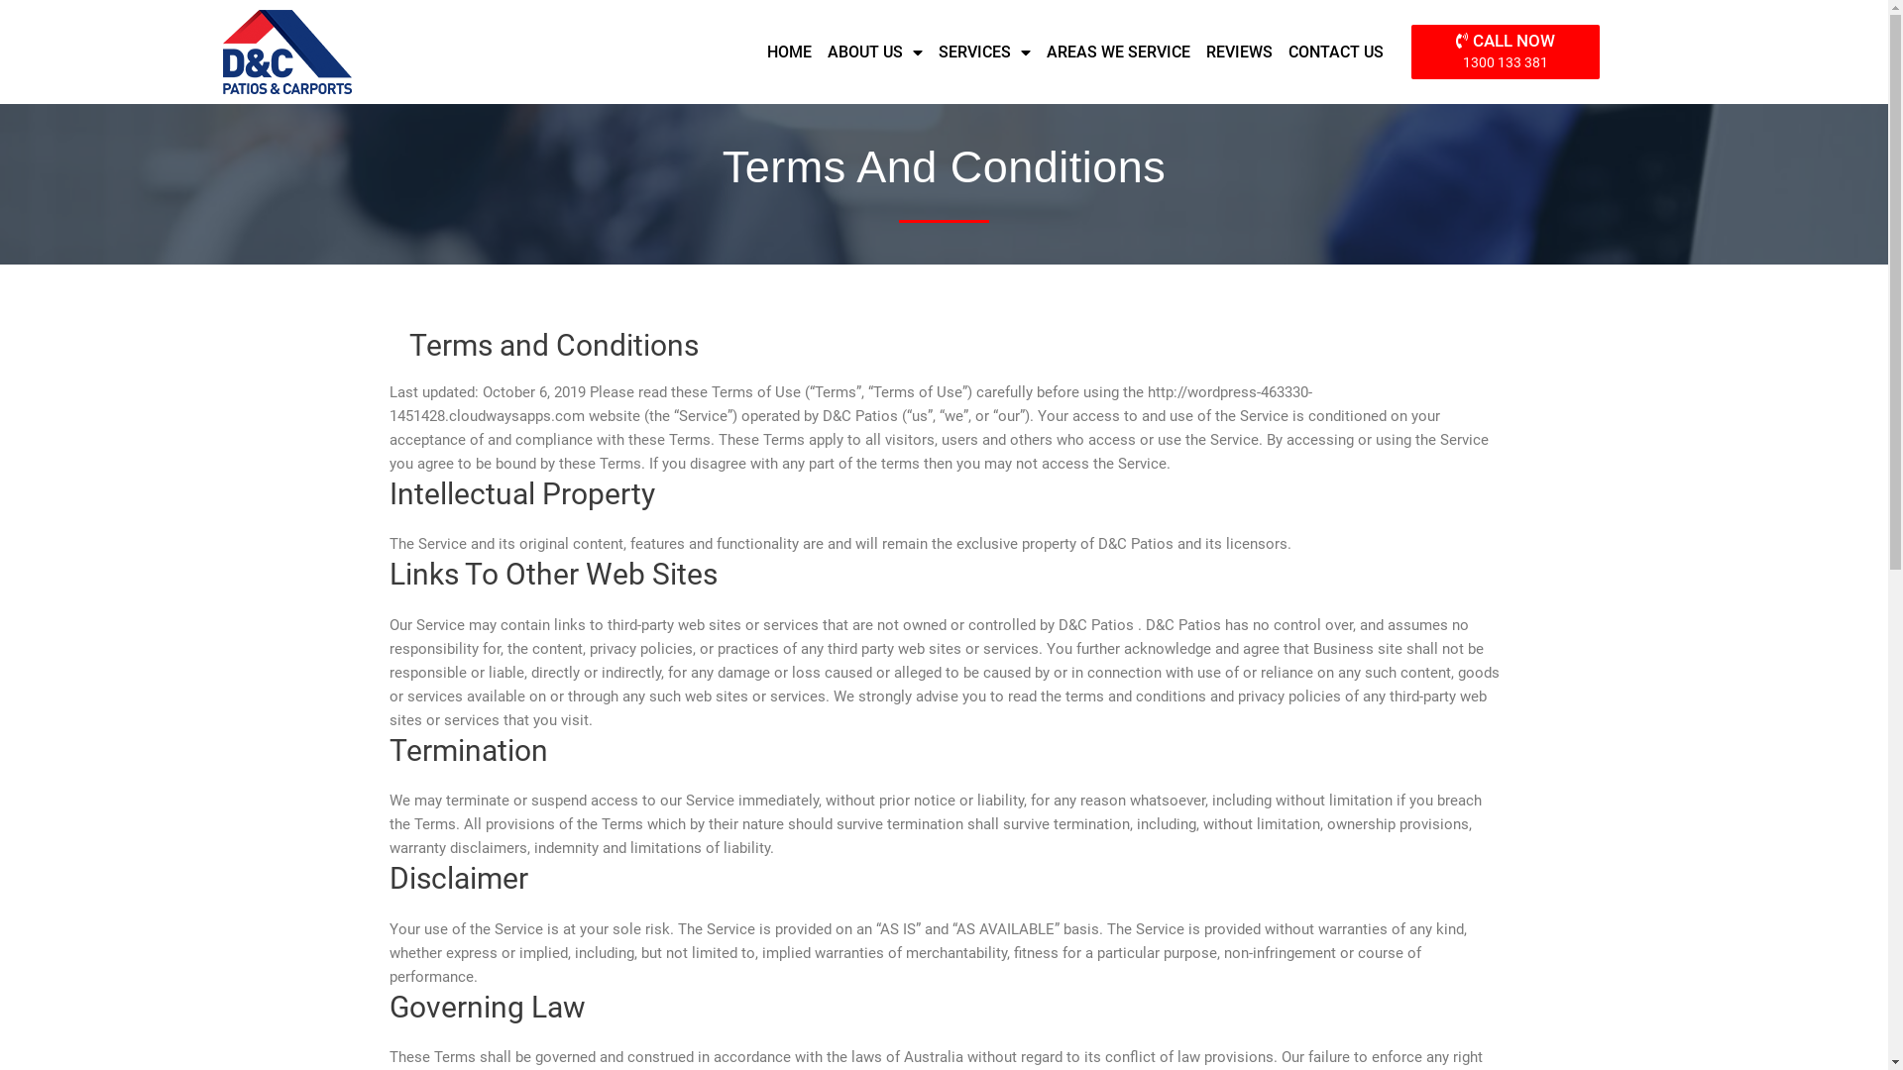  I want to click on 'AREAS WE SERVICE', so click(1118, 50).